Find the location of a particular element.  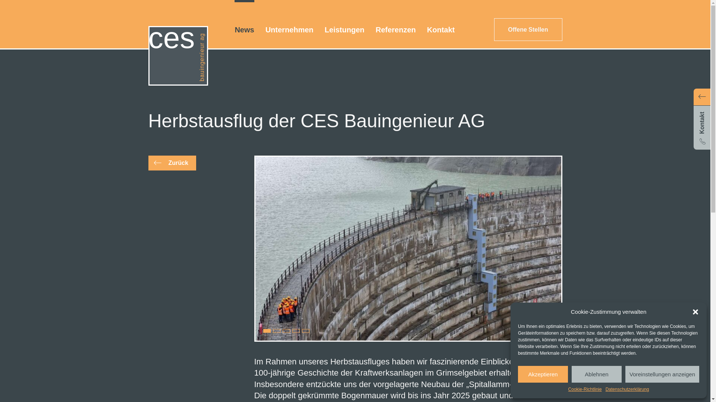

'4' is located at coordinates (295, 330).